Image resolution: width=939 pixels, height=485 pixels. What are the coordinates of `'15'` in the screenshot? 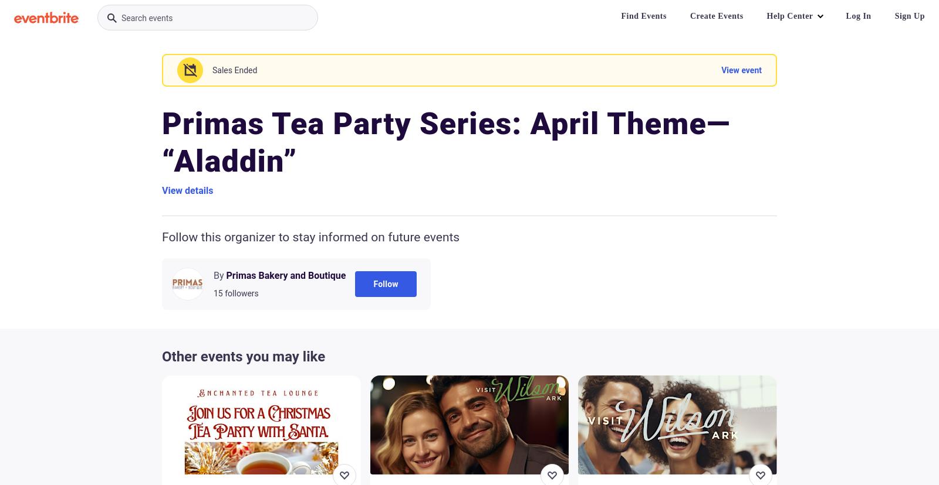 It's located at (218, 293).